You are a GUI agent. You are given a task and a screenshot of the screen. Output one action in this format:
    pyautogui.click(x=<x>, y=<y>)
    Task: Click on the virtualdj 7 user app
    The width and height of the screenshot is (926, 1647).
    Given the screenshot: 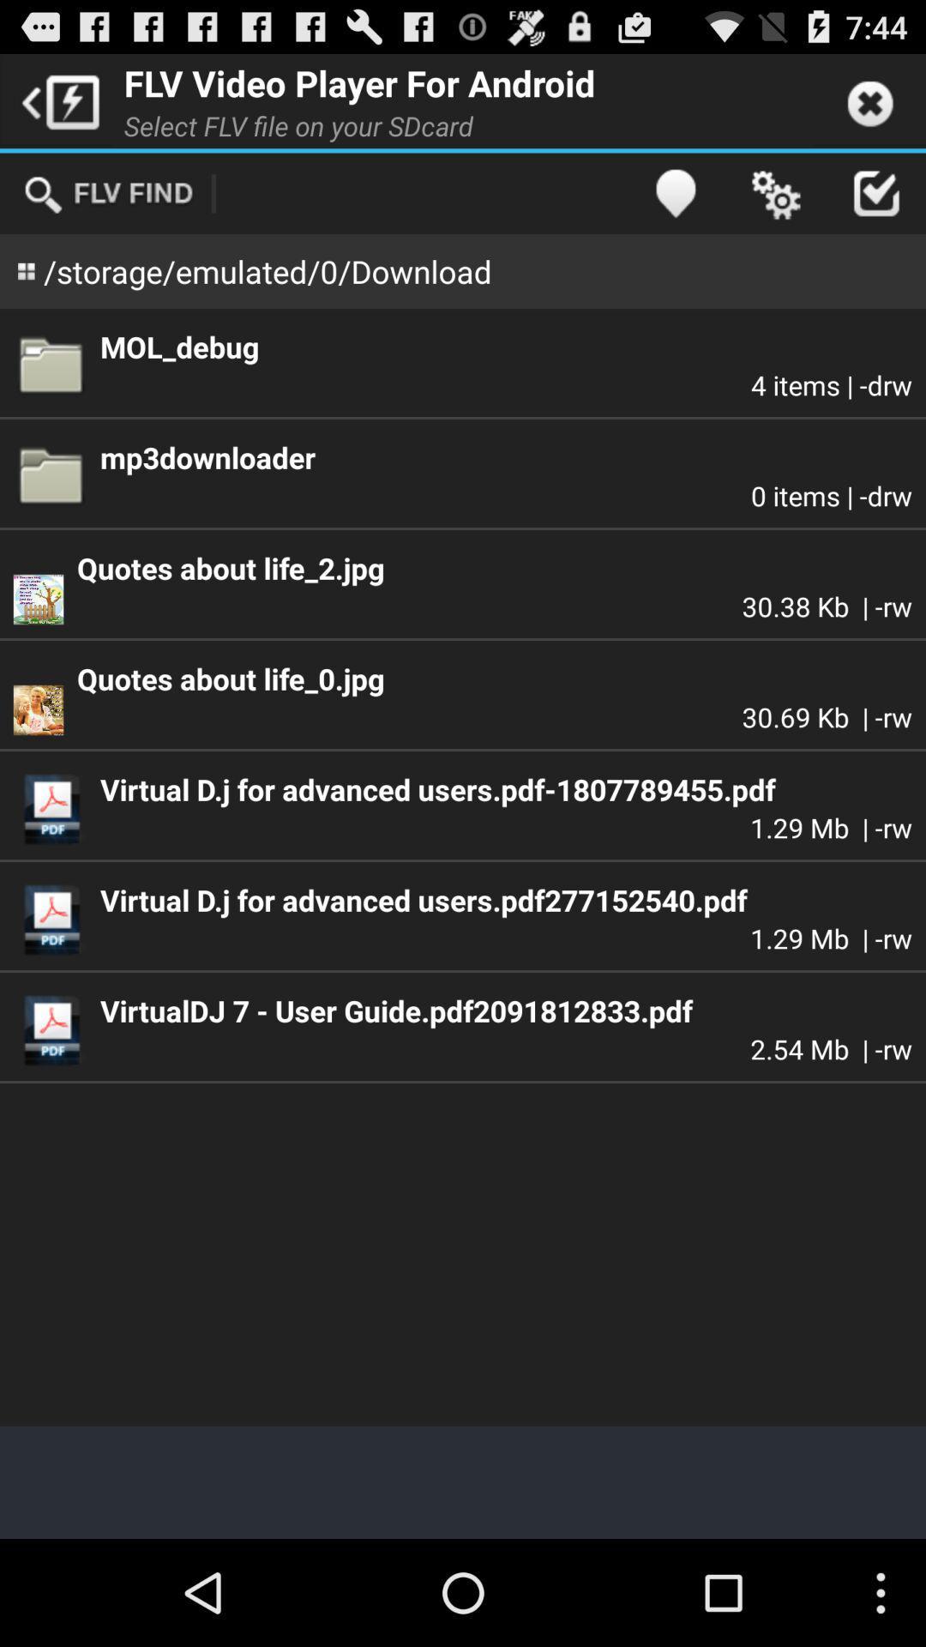 What is the action you would take?
    pyautogui.click(x=505, y=1011)
    